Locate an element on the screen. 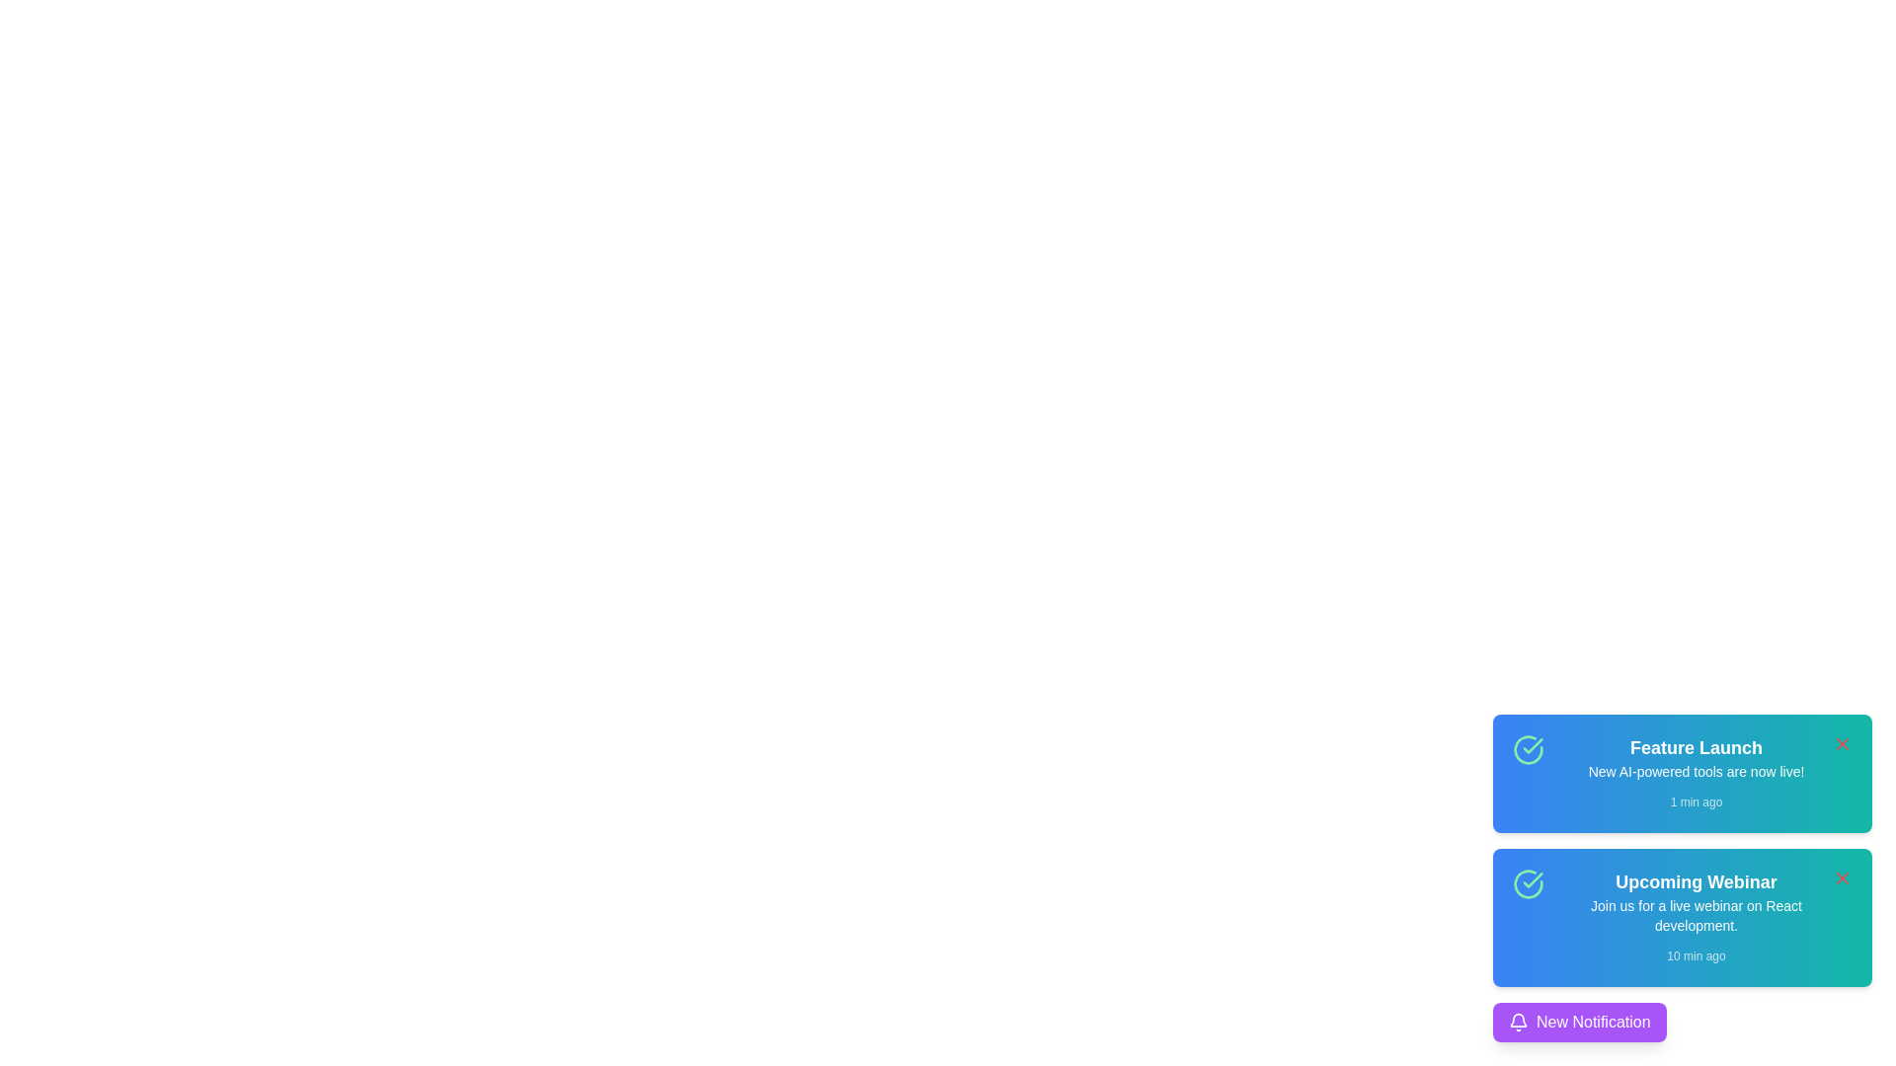 The width and height of the screenshot is (1896, 1066). the notification to read its details is located at coordinates (1682, 772).